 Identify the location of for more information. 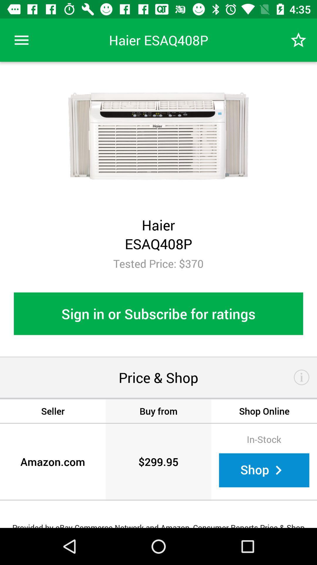
(301, 377).